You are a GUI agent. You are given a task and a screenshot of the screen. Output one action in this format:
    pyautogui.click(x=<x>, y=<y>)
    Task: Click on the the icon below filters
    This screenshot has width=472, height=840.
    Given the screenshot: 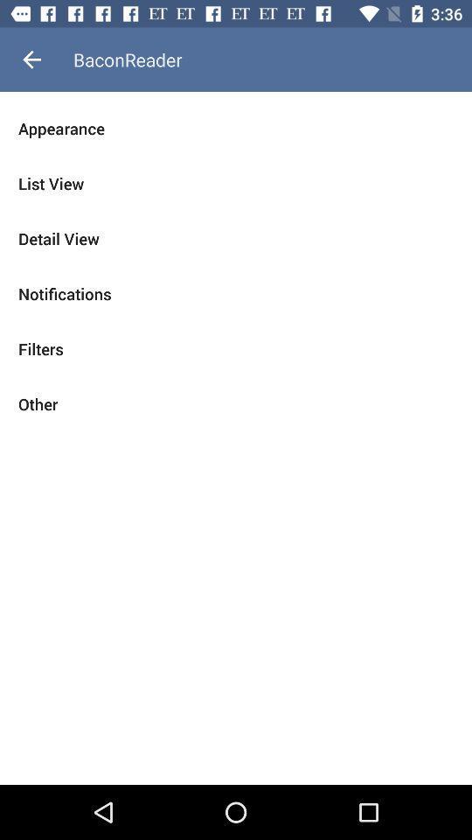 What is the action you would take?
    pyautogui.click(x=236, y=404)
    